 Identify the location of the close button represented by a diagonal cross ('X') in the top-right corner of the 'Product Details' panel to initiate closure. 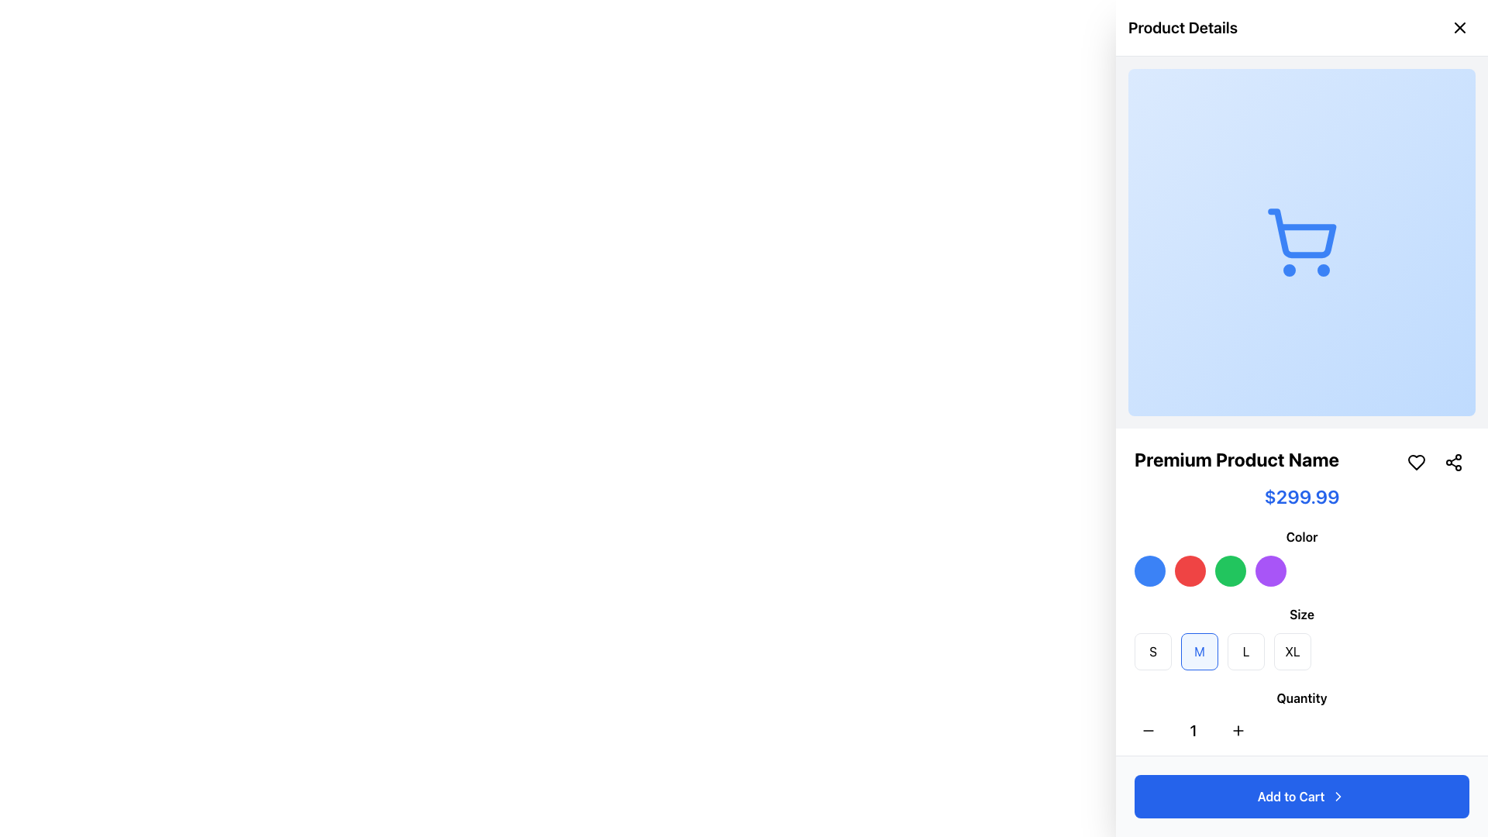
(1459, 27).